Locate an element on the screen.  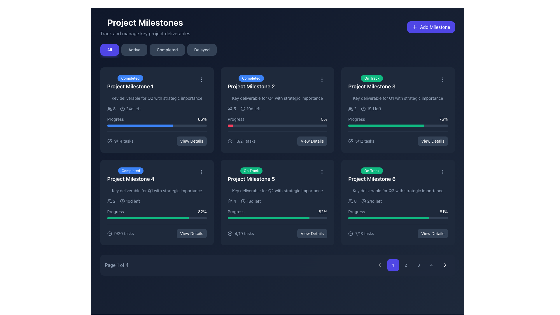
the button located is located at coordinates (442, 80).